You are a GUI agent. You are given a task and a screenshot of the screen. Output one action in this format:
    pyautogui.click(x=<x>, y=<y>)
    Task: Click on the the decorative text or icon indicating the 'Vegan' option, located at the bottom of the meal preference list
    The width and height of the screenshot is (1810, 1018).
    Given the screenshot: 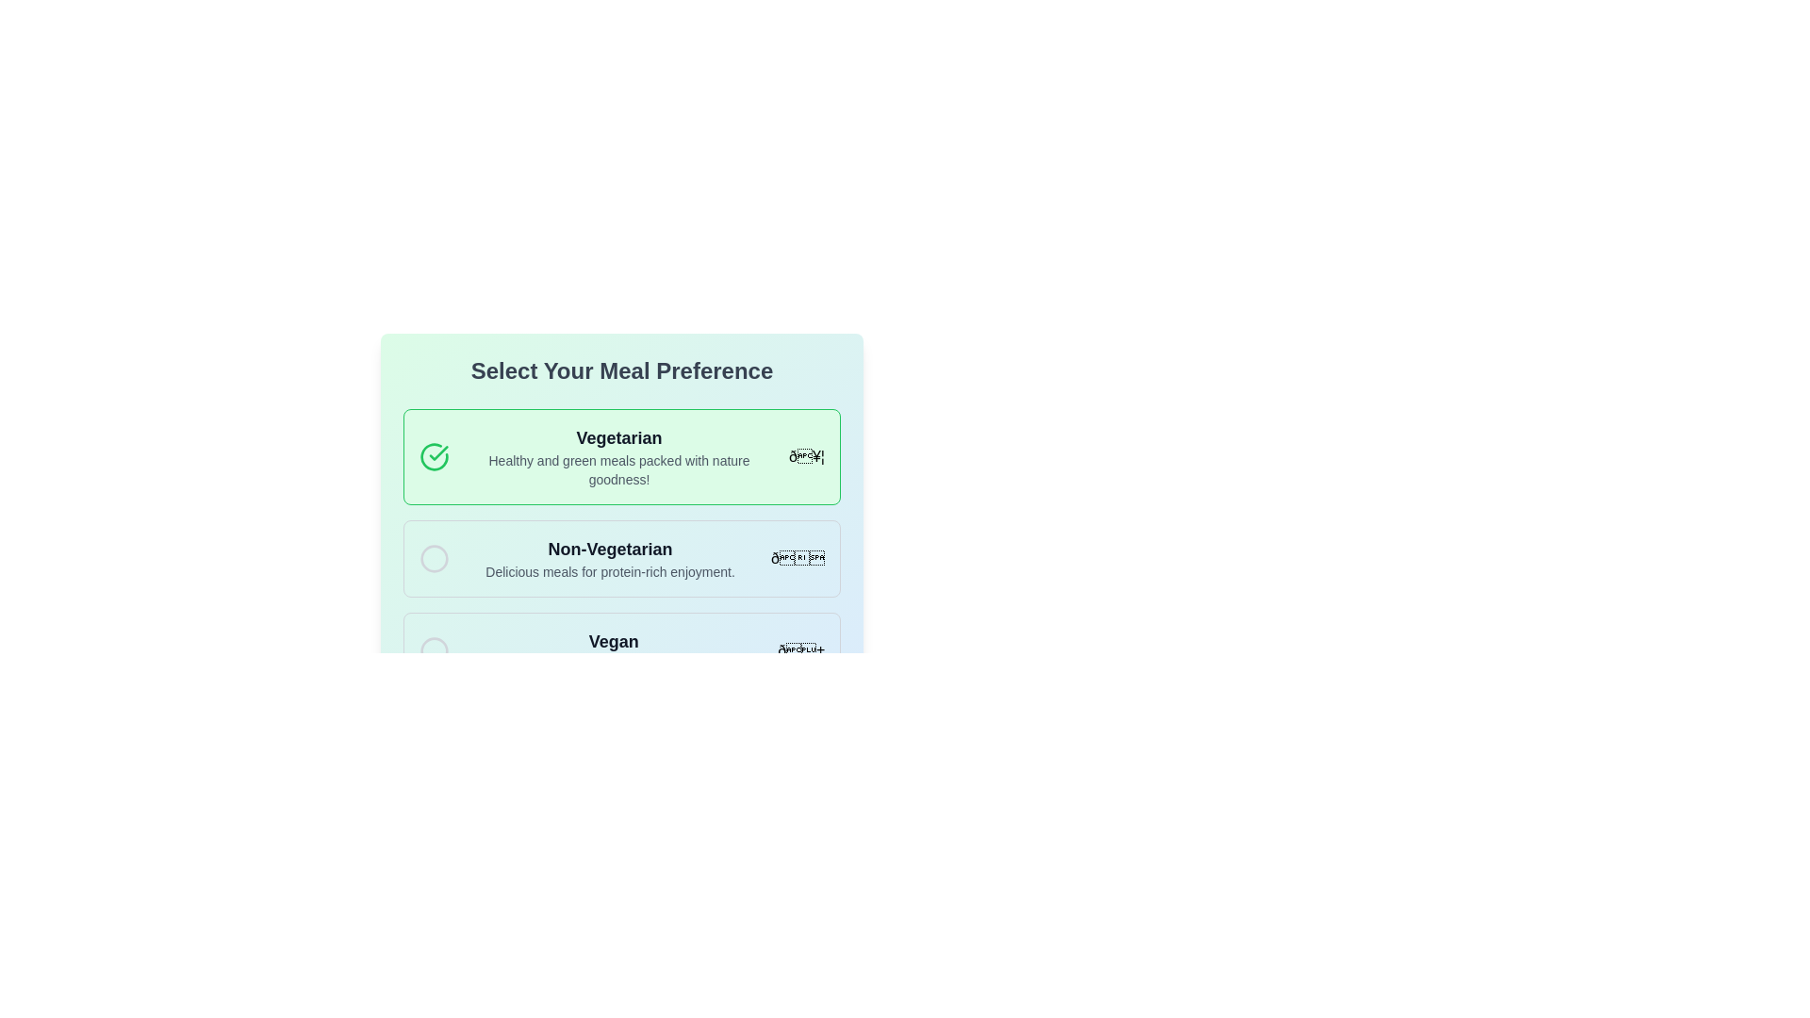 What is the action you would take?
    pyautogui.click(x=801, y=649)
    